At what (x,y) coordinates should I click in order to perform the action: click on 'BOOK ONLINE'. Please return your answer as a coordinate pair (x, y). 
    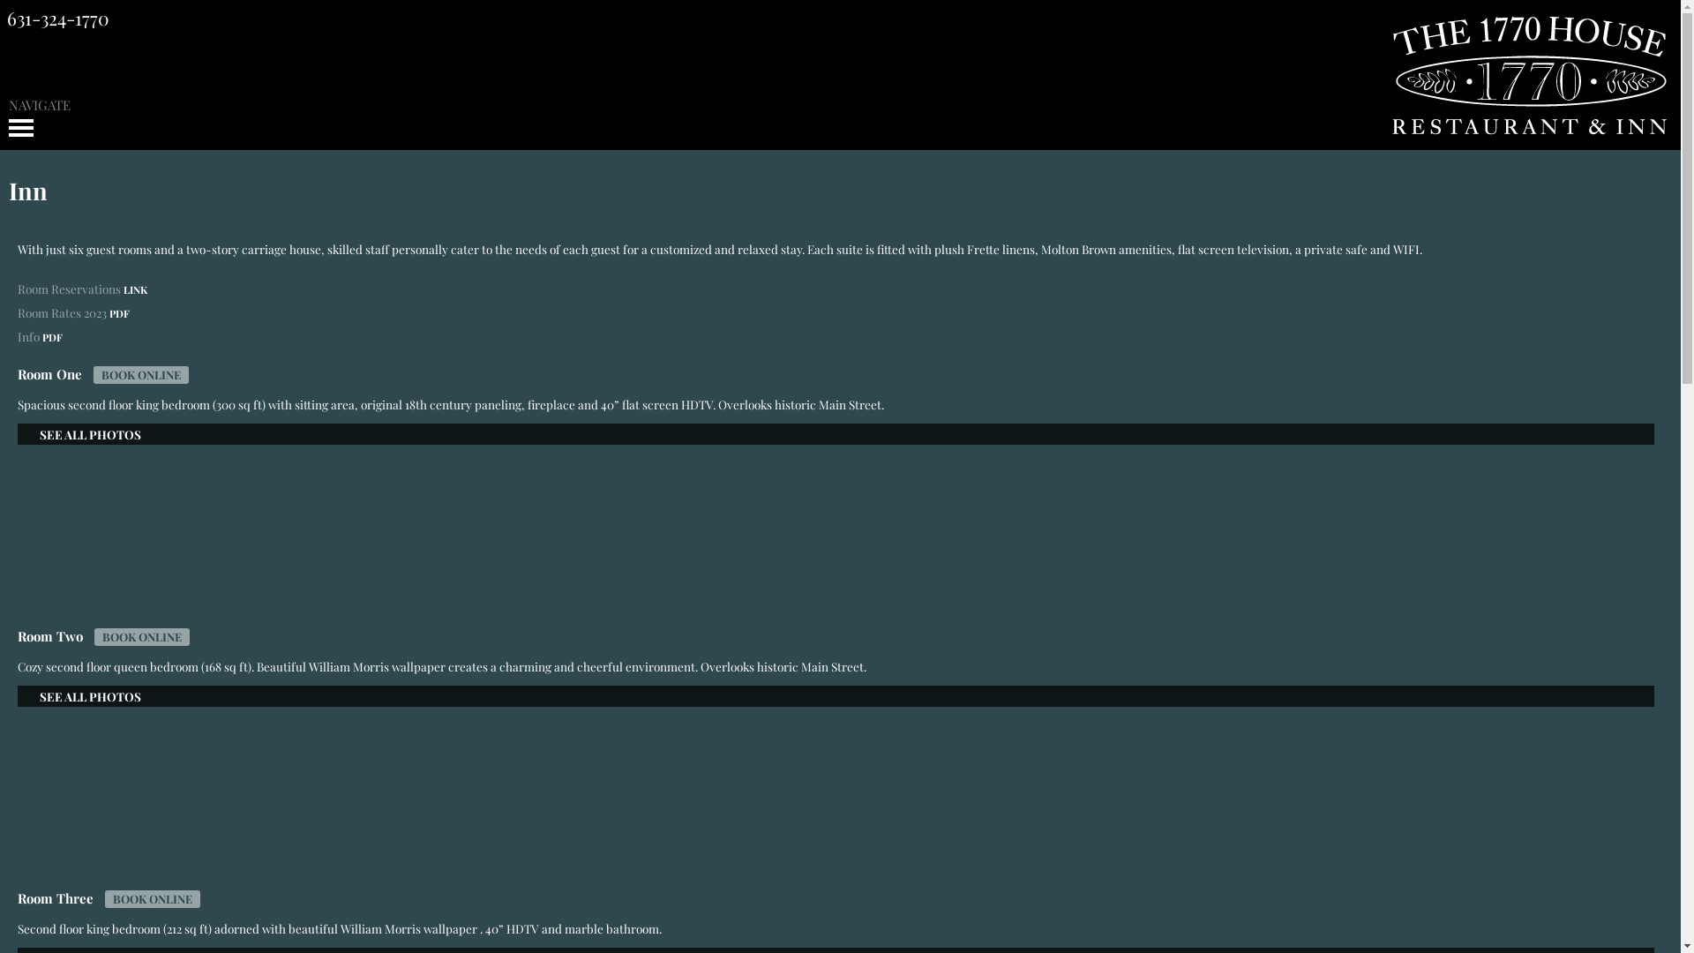
    Looking at the image, I should click on (139, 373).